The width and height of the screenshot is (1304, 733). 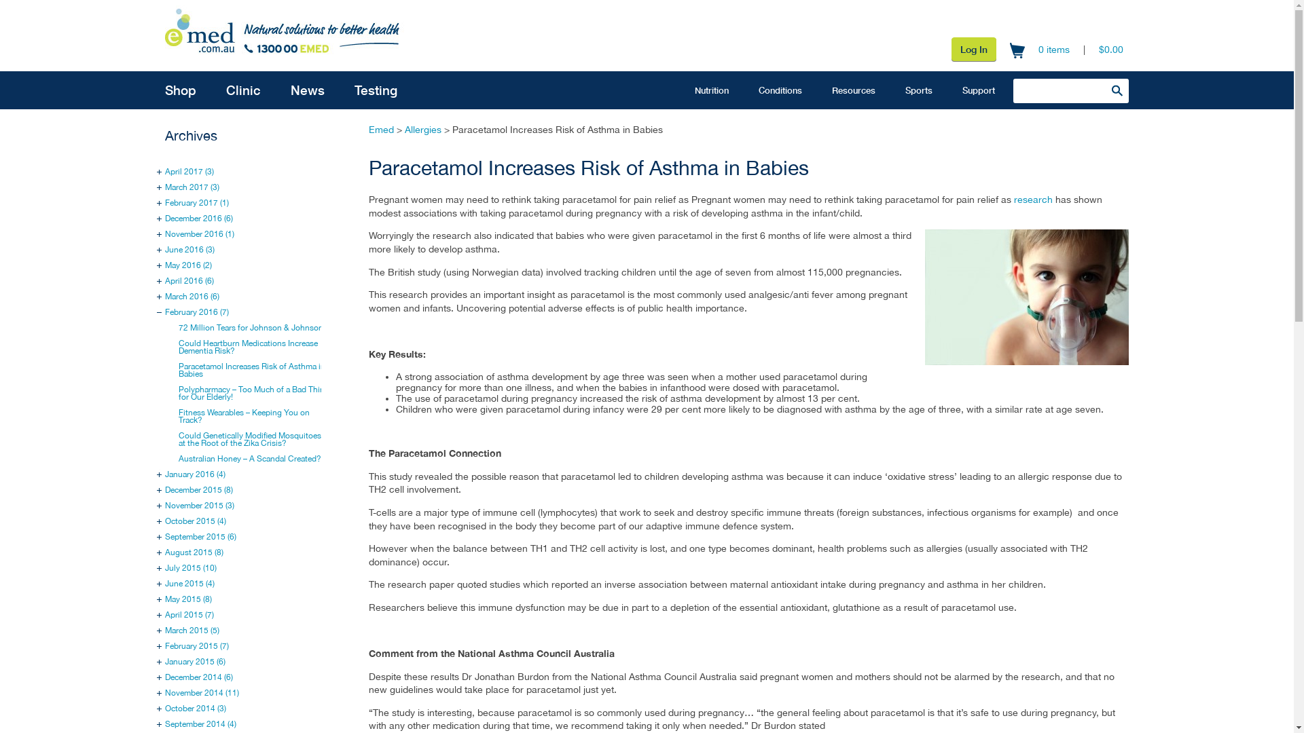 I want to click on 'December 2016 (6)', so click(x=198, y=217).